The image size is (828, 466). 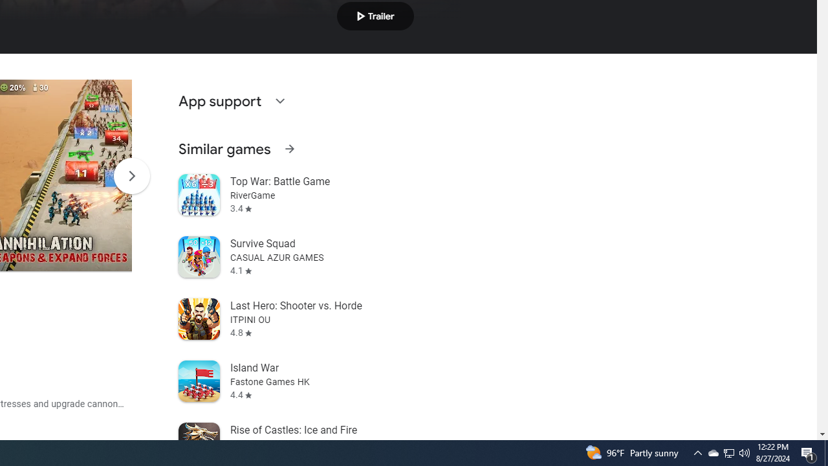 I want to click on 'Expand', so click(x=279, y=100).